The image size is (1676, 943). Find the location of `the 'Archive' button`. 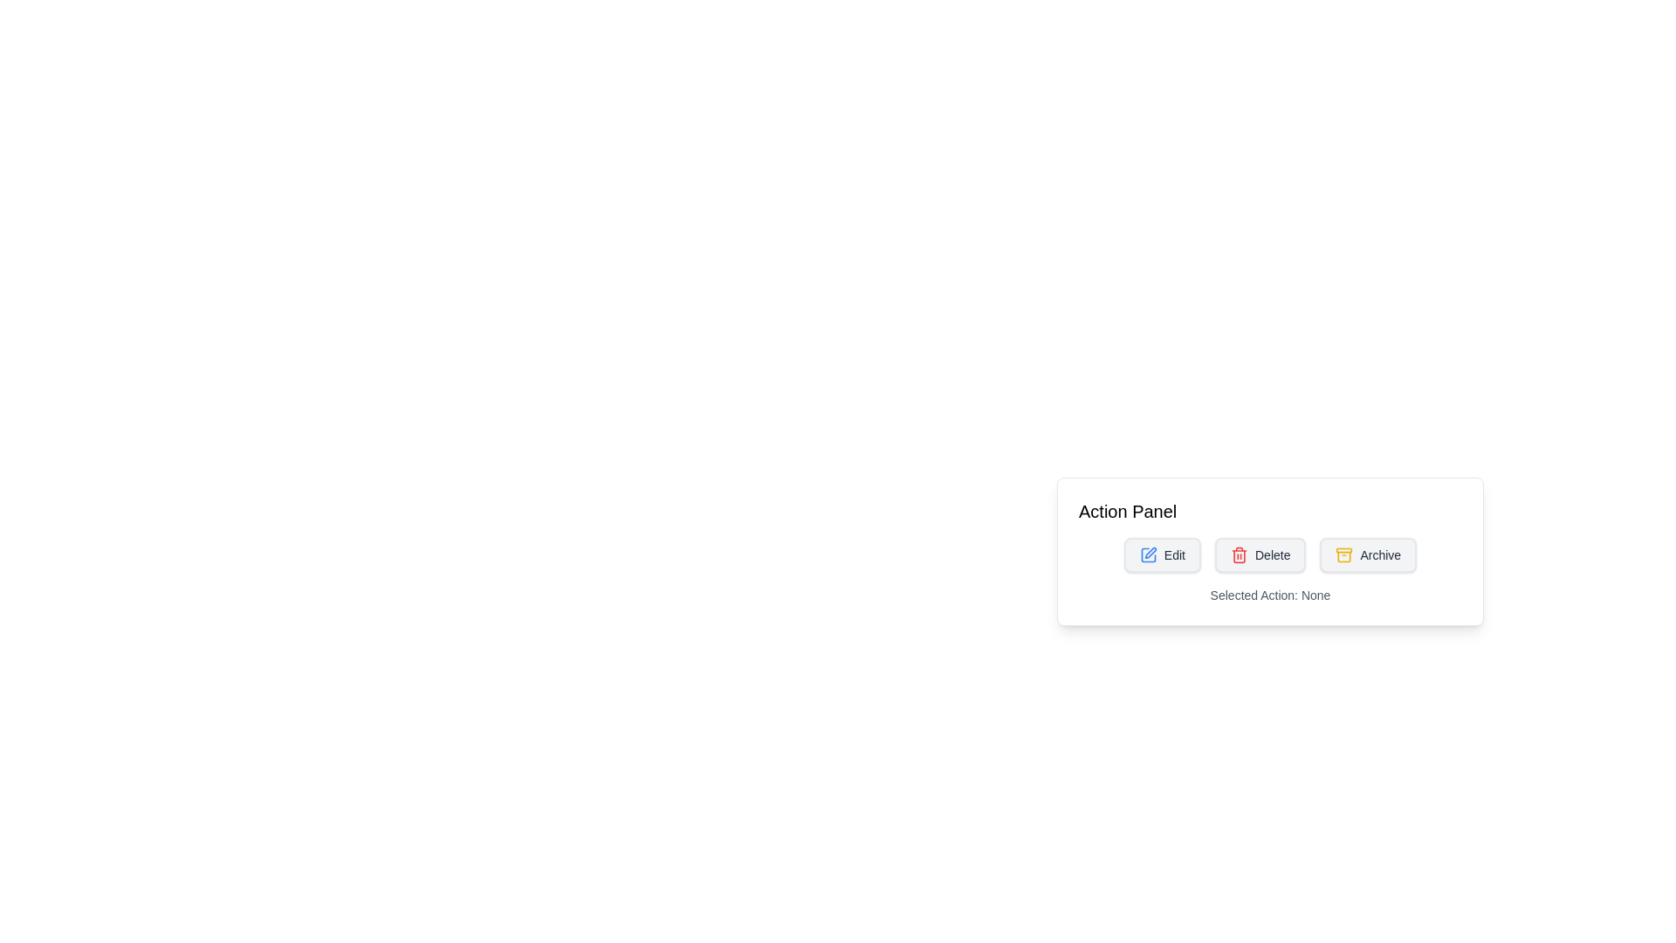

the 'Archive' button is located at coordinates (1367, 555).